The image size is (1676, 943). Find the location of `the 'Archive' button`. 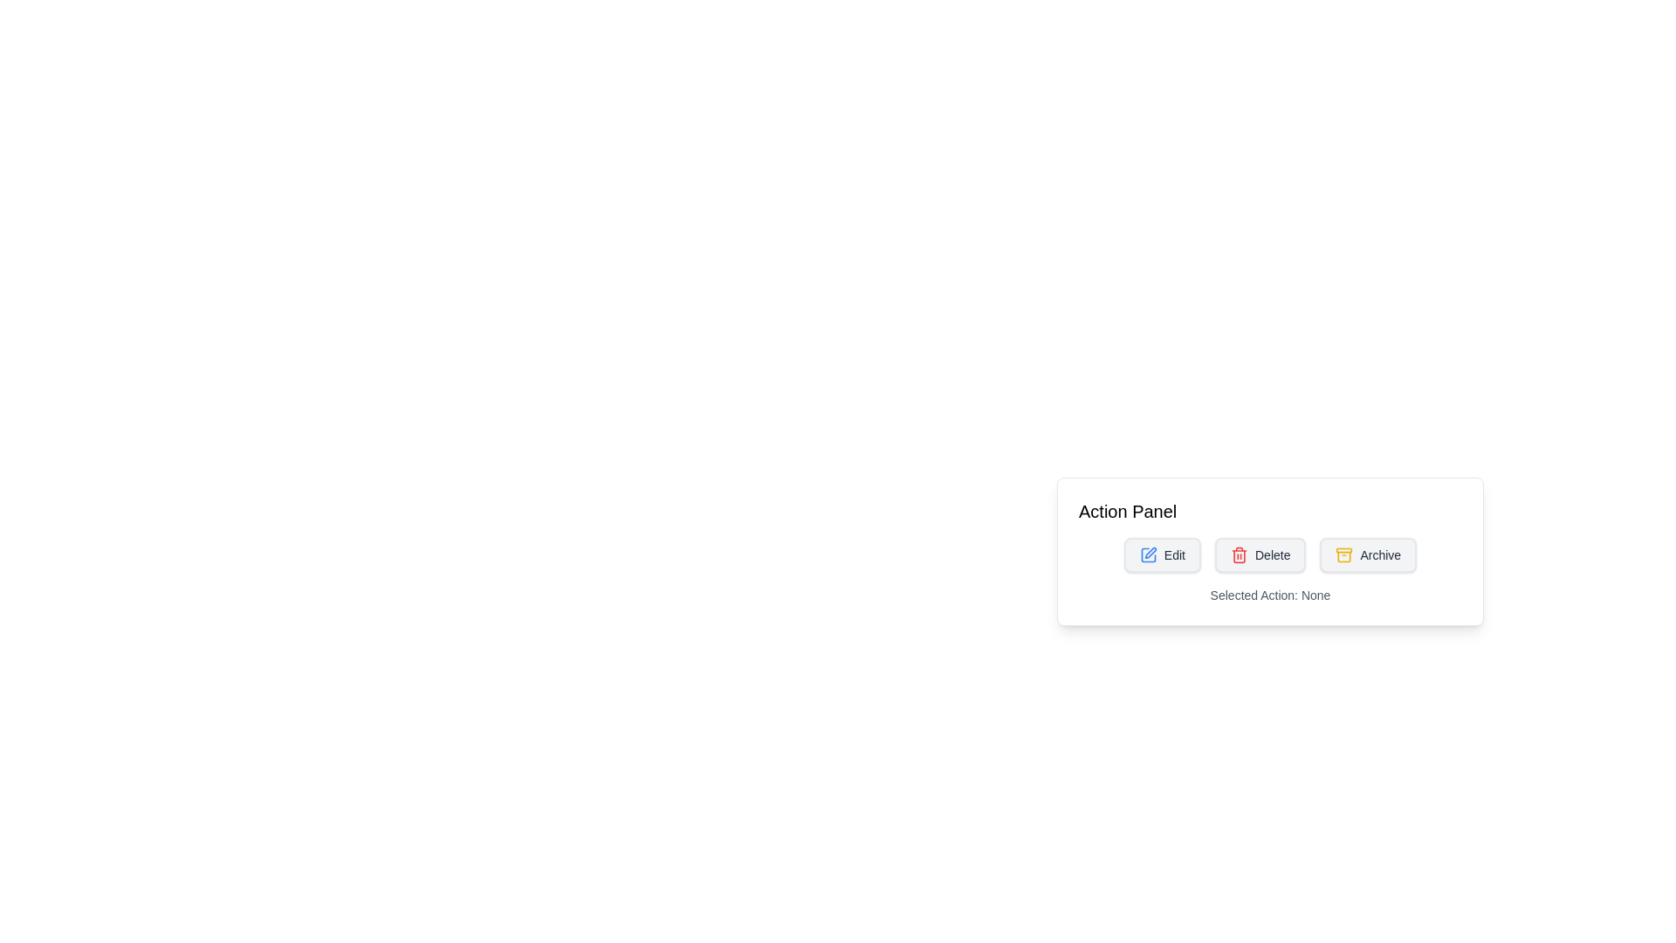

the 'Archive' button is located at coordinates (1367, 555).